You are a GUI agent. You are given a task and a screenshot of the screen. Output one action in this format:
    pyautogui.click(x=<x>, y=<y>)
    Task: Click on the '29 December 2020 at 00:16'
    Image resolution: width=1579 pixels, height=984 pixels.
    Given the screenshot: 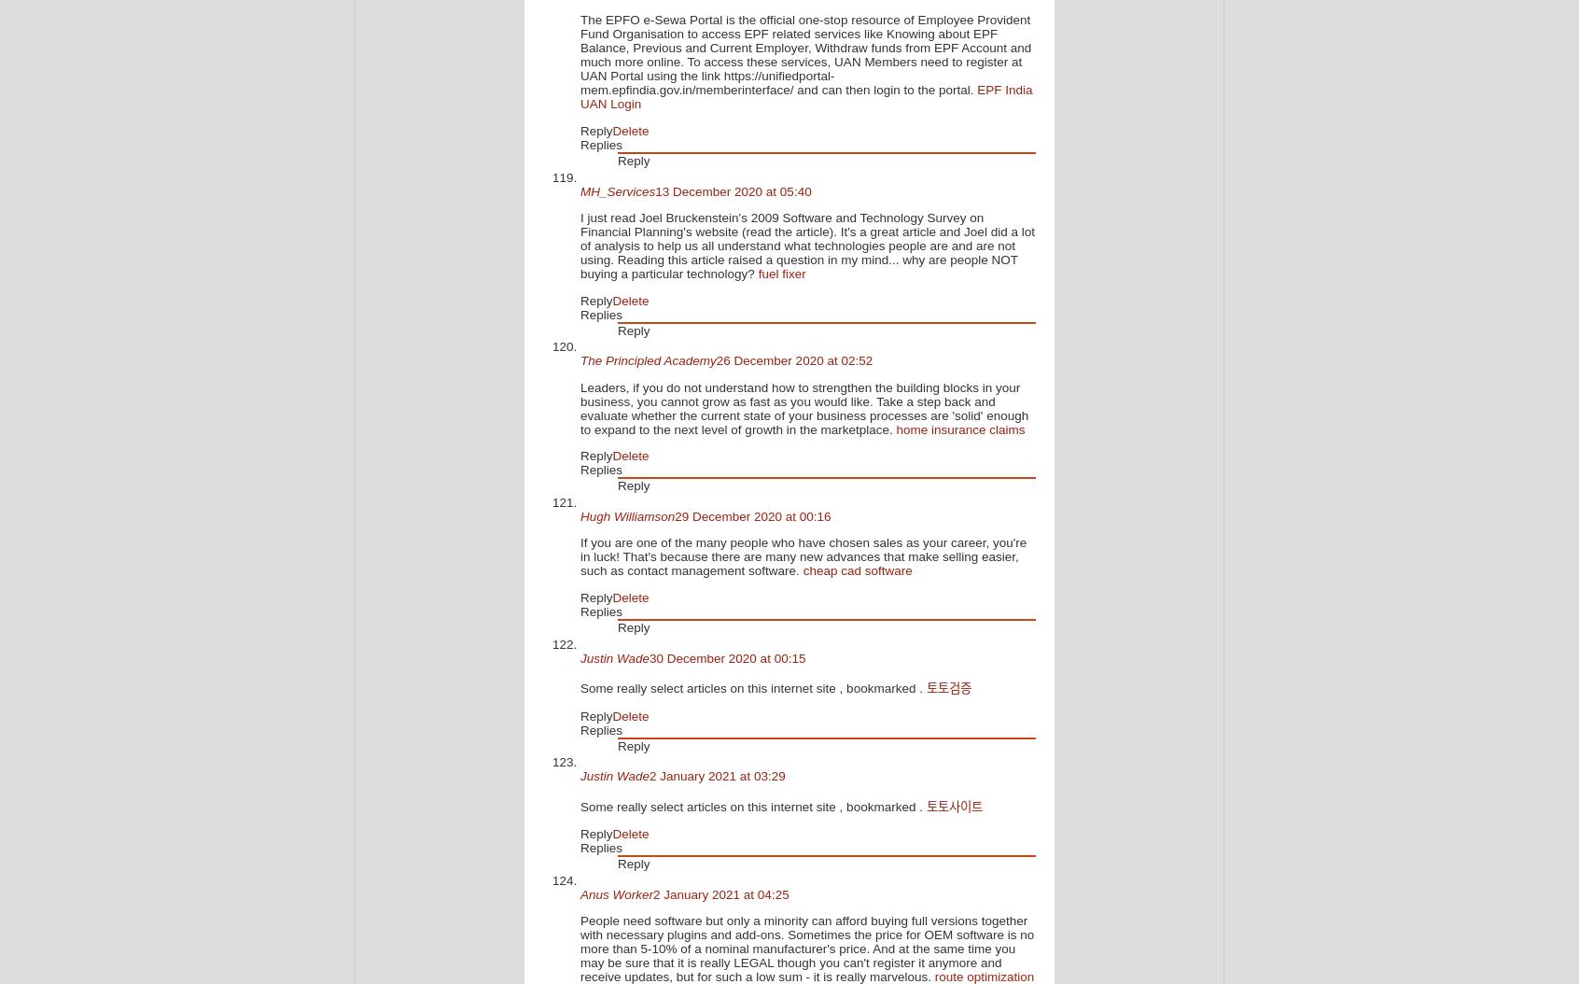 What is the action you would take?
    pyautogui.click(x=752, y=515)
    